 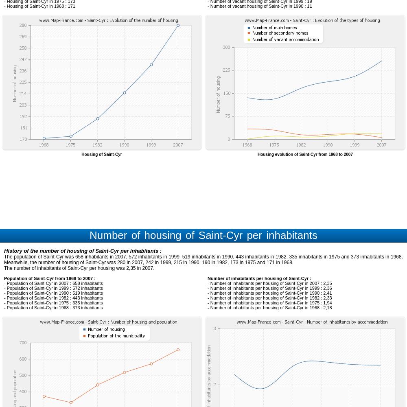 What do you see at coordinates (269, 283) in the screenshot?
I see `'- Number of inhabitants per housing of Saint-Cyr in 2007 : 2,35'` at bounding box center [269, 283].